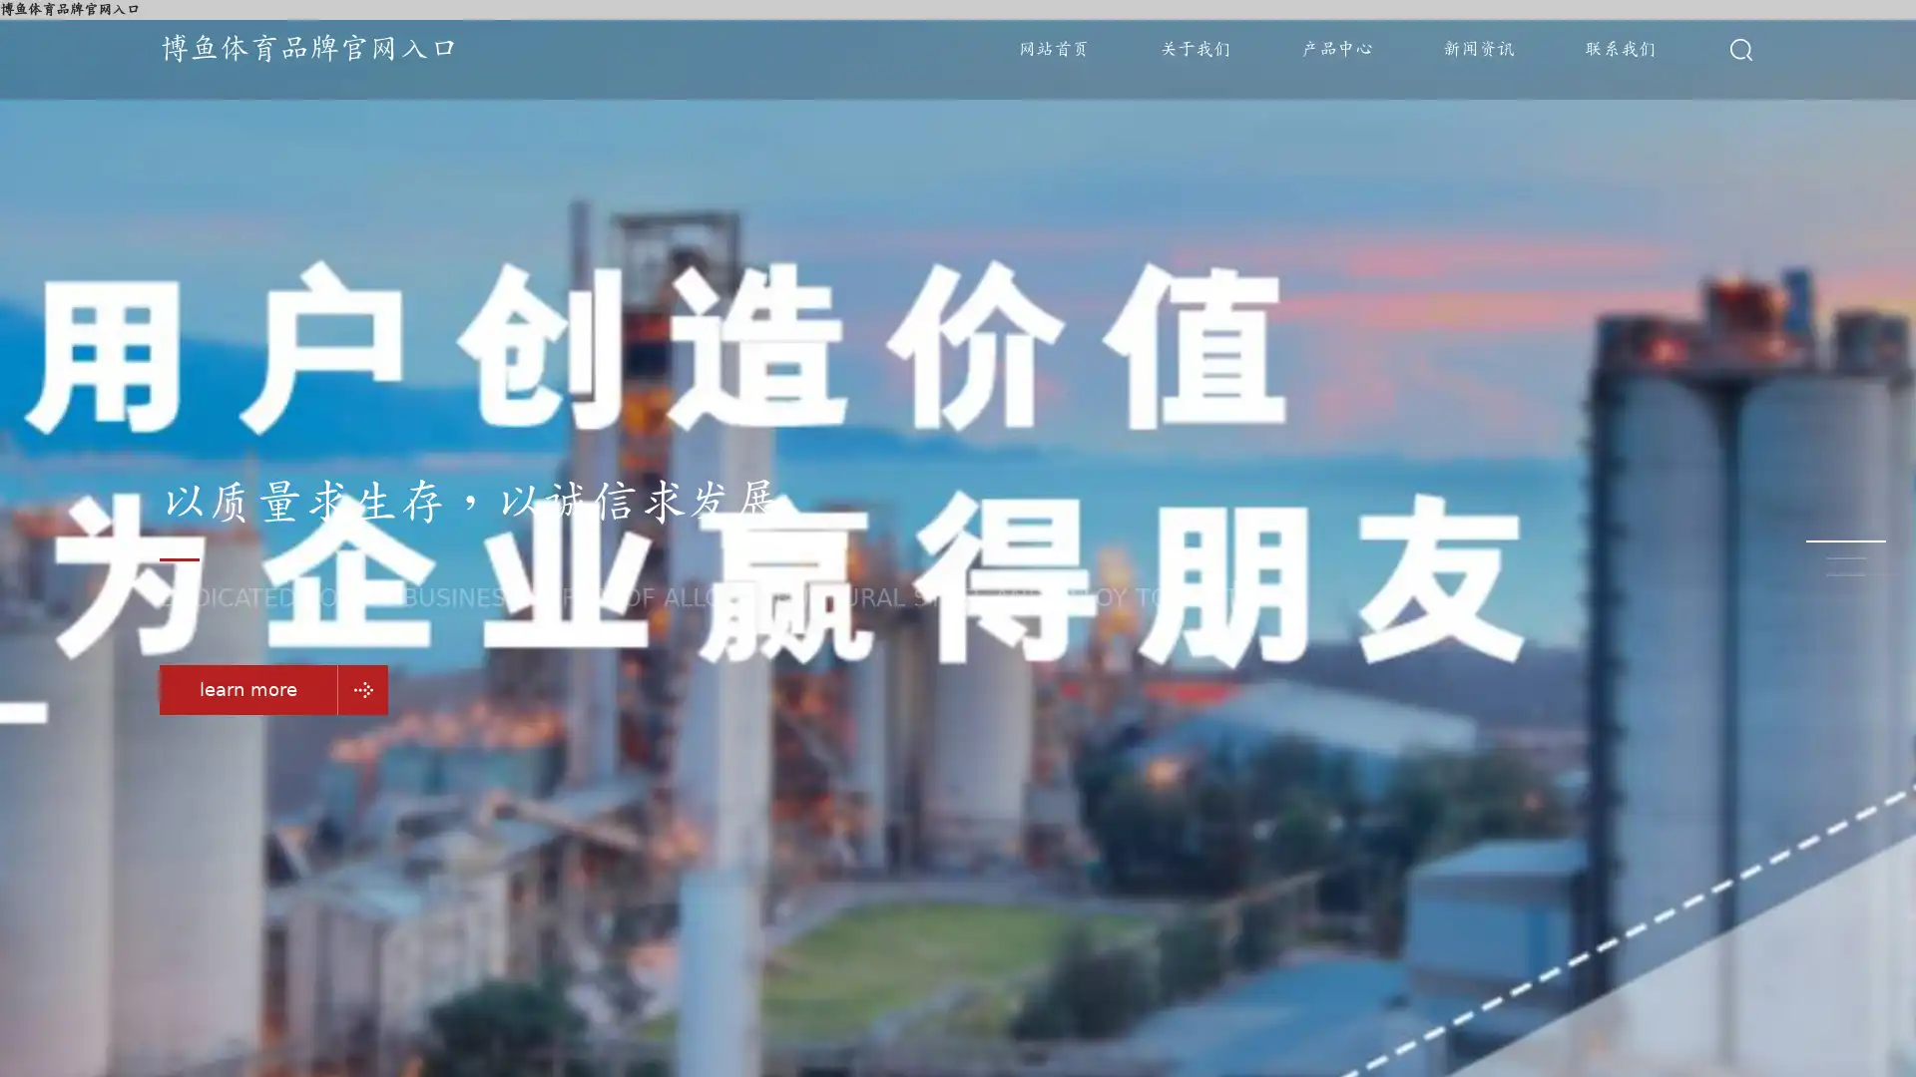 The image size is (1916, 1077). I want to click on Go to slide 2, so click(1844, 557).